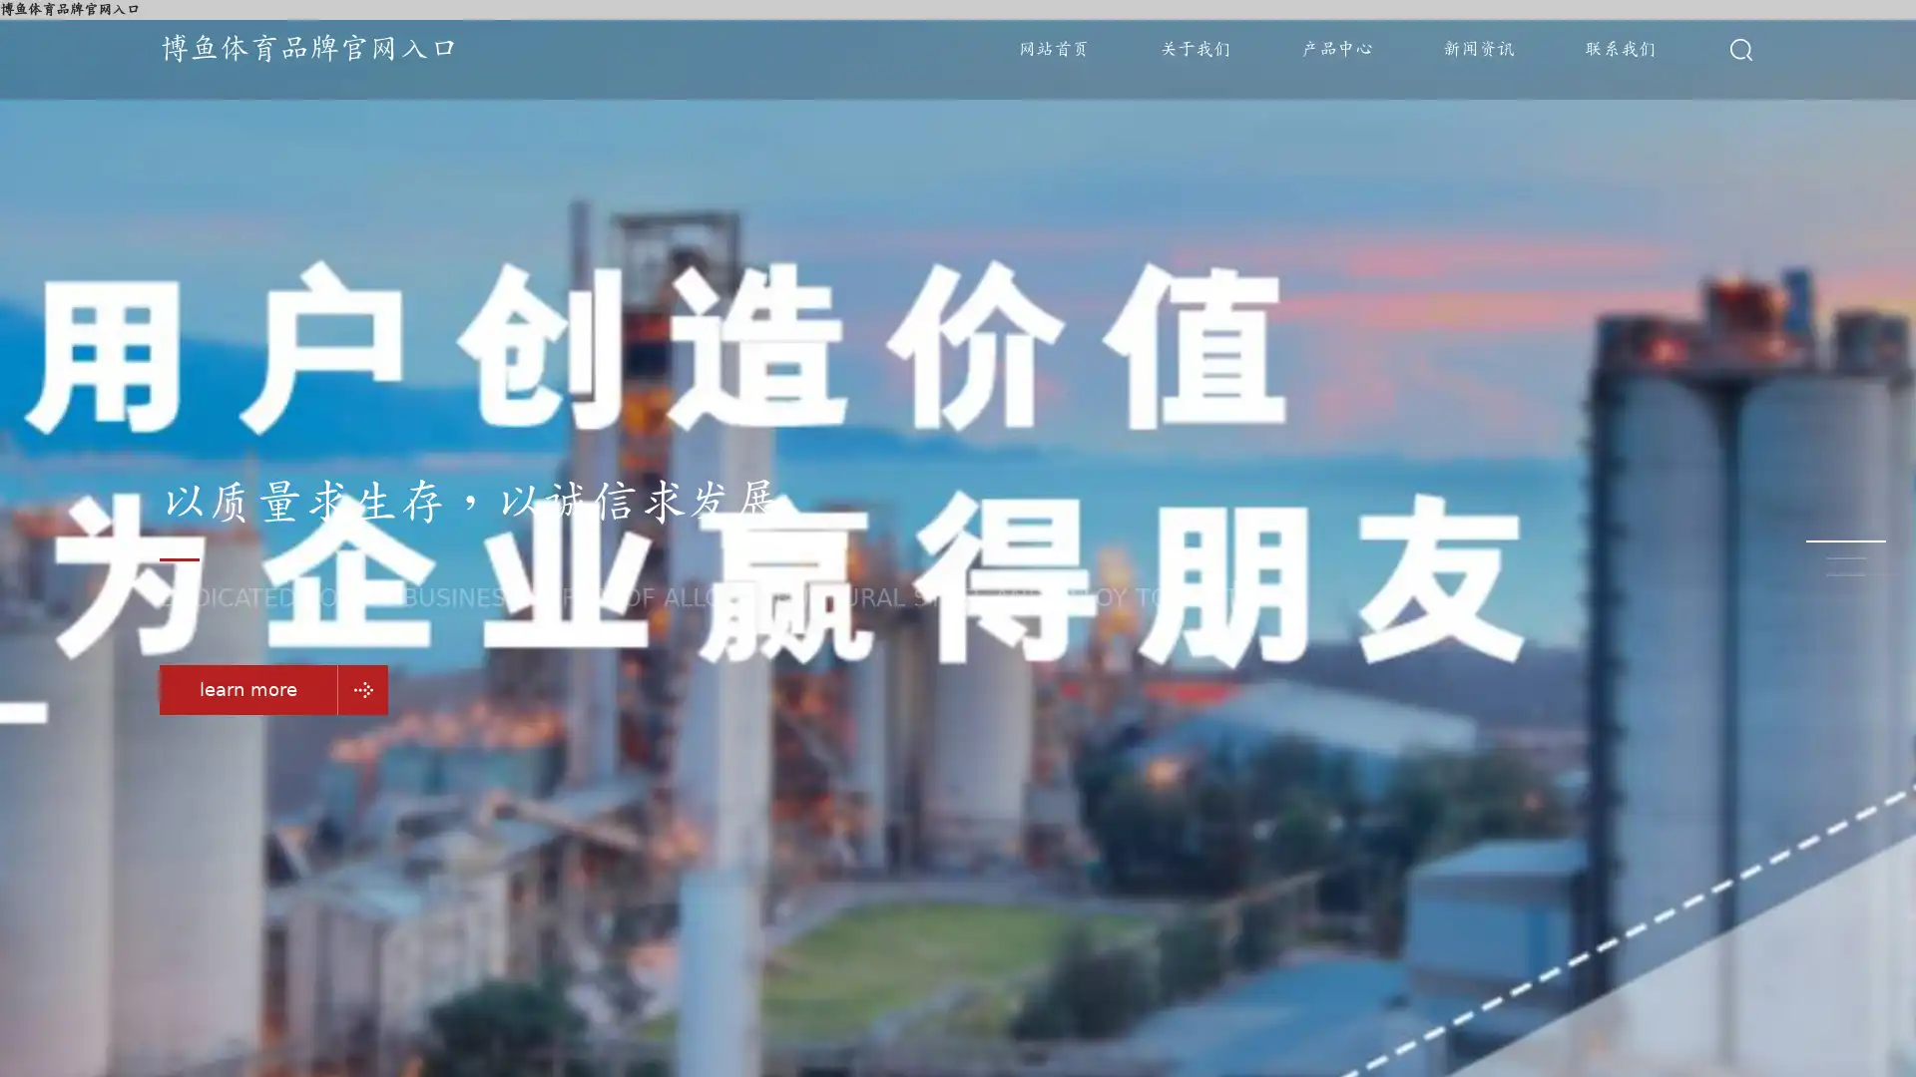 The image size is (1916, 1077). I want to click on Go to slide 2, so click(1844, 557).